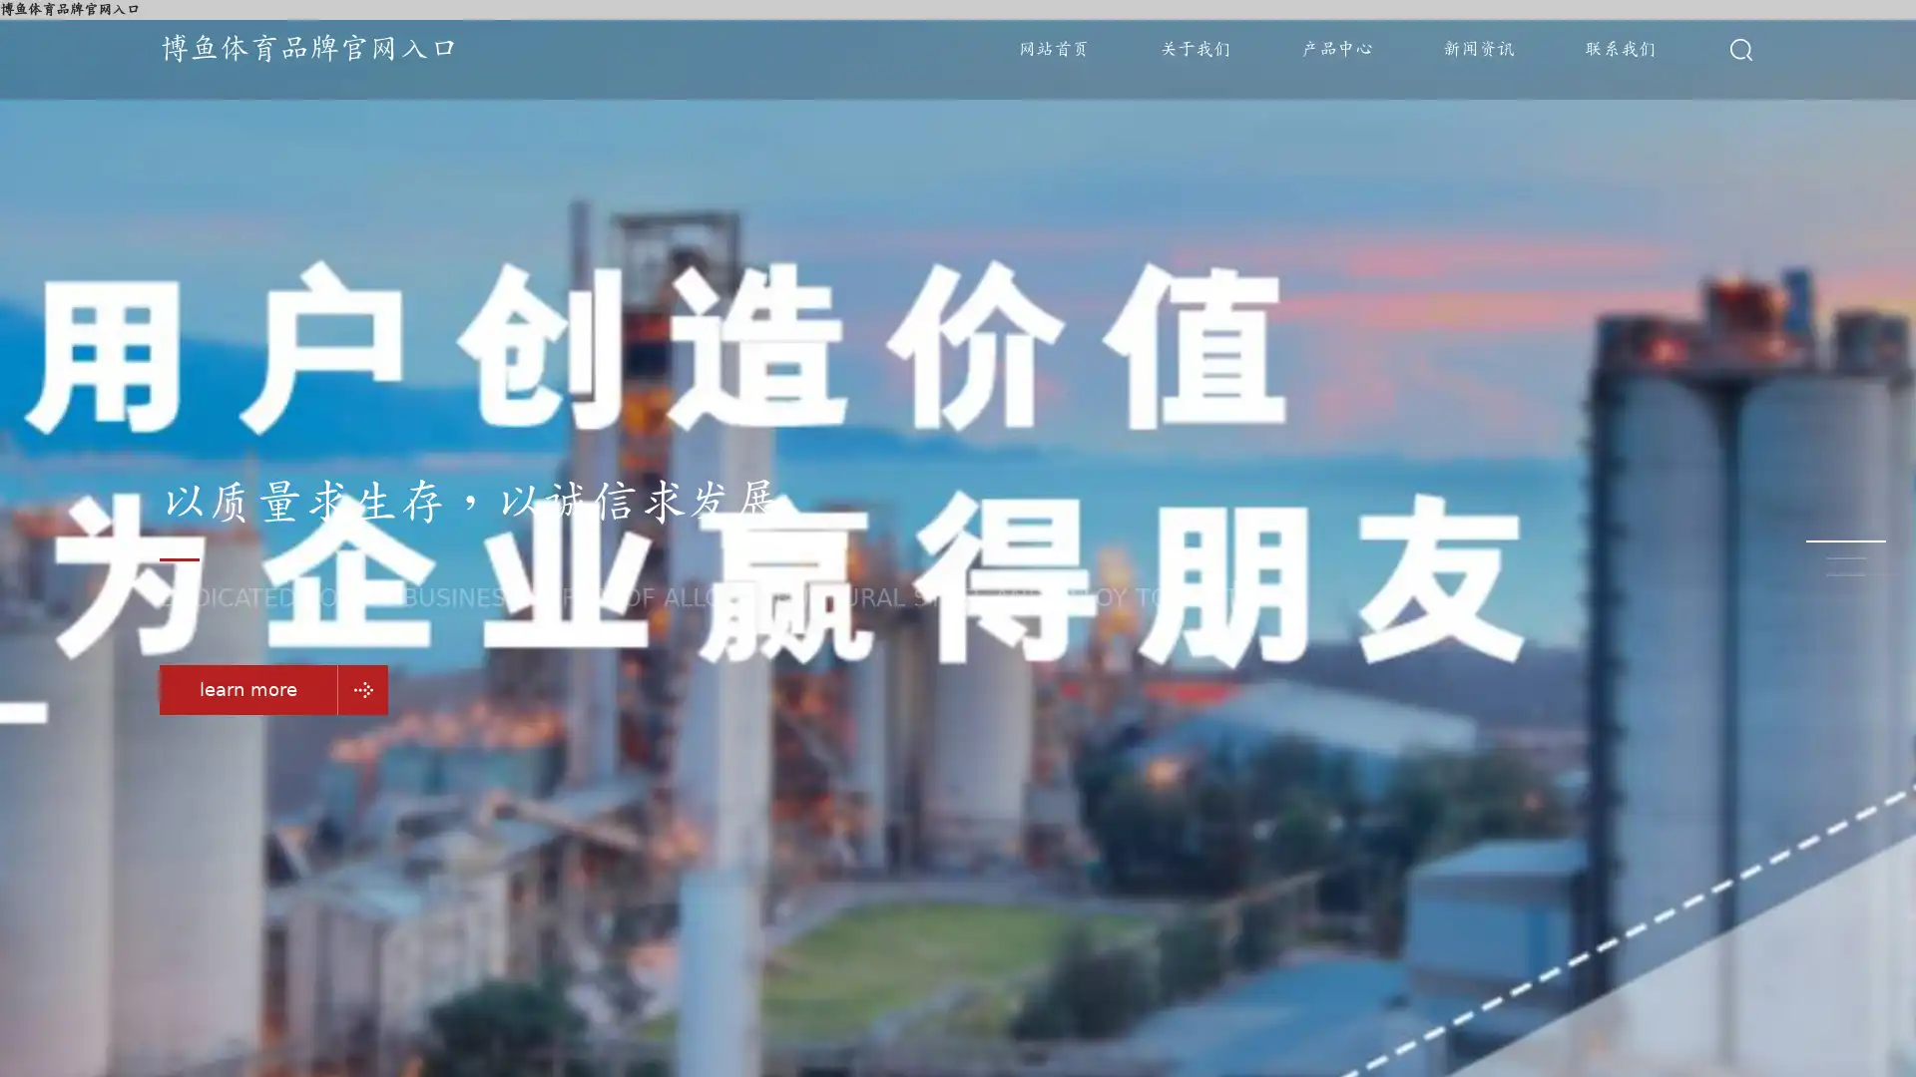 The image size is (1916, 1077). I want to click on Go to slide 2, so click(1844, 557).